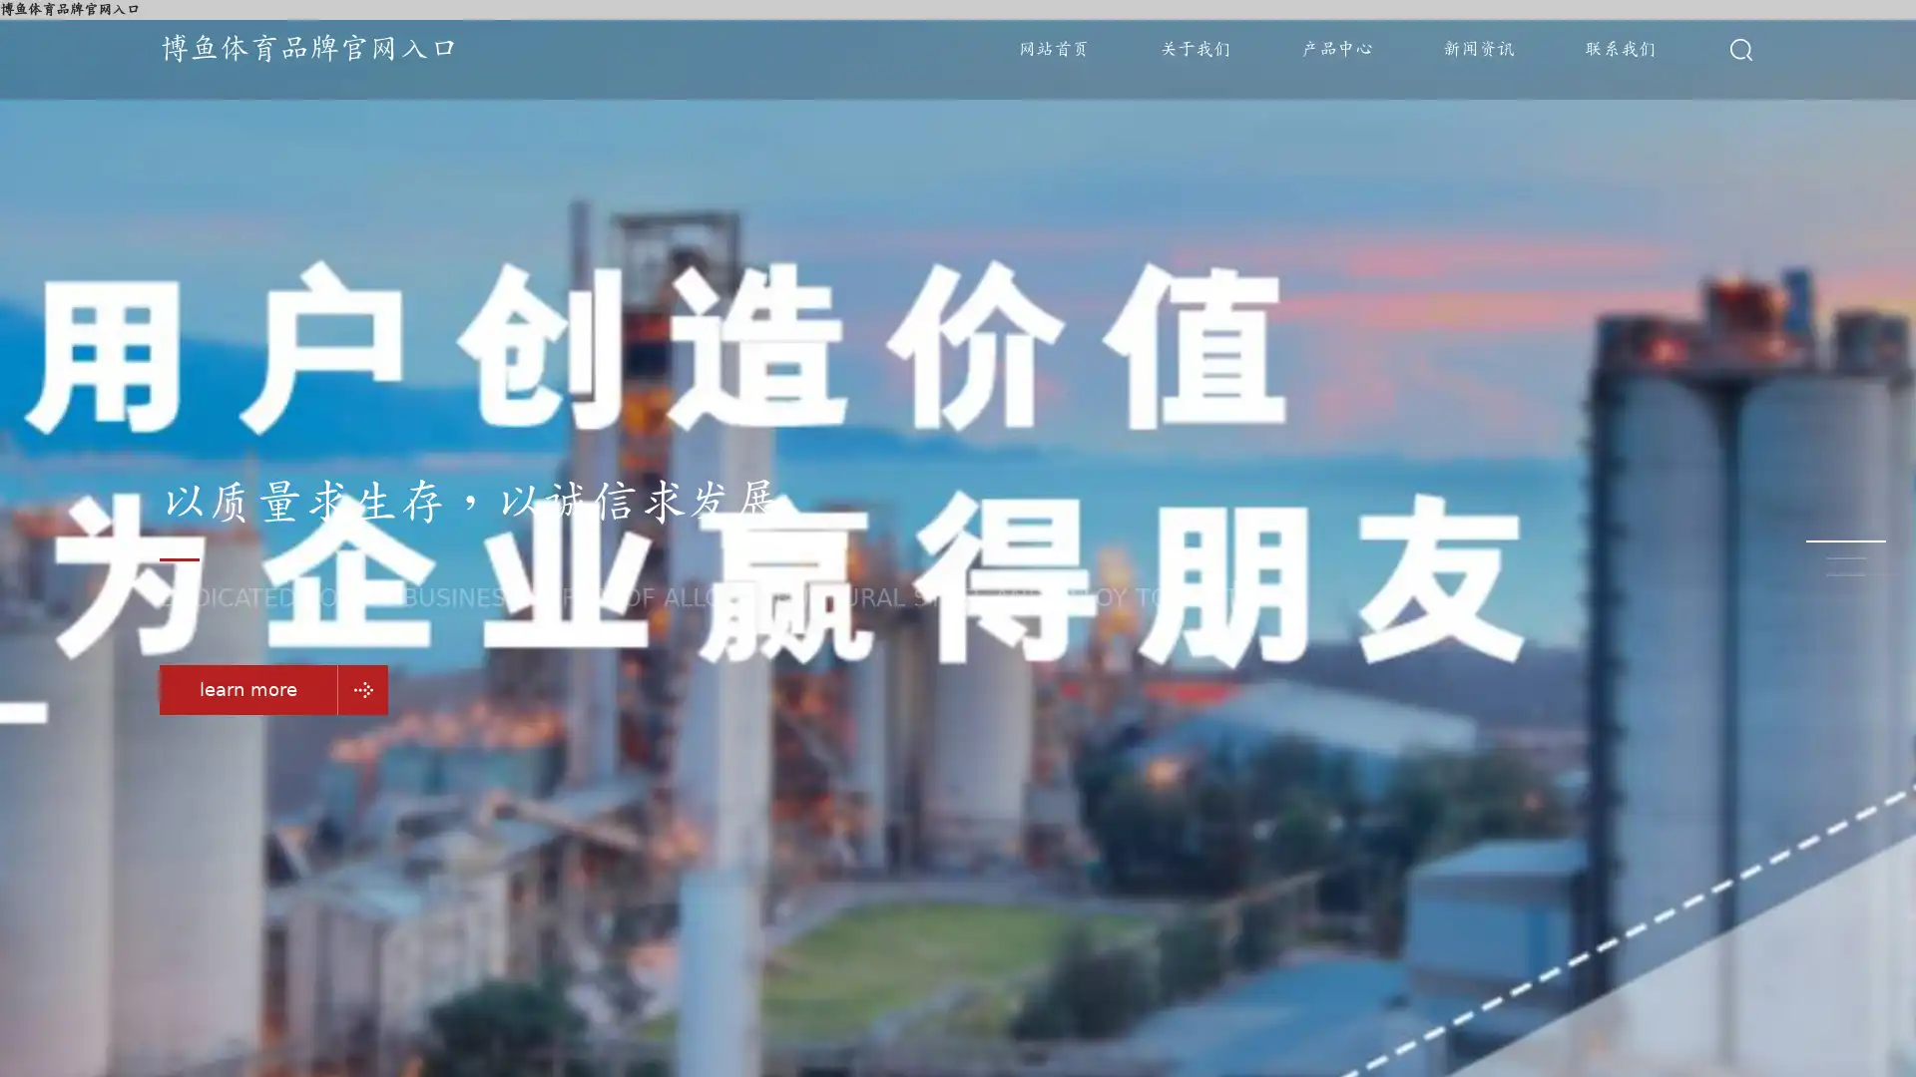 The image size is (1916, 1077). I want to click on Go to slide 2, so click(1844, 557).